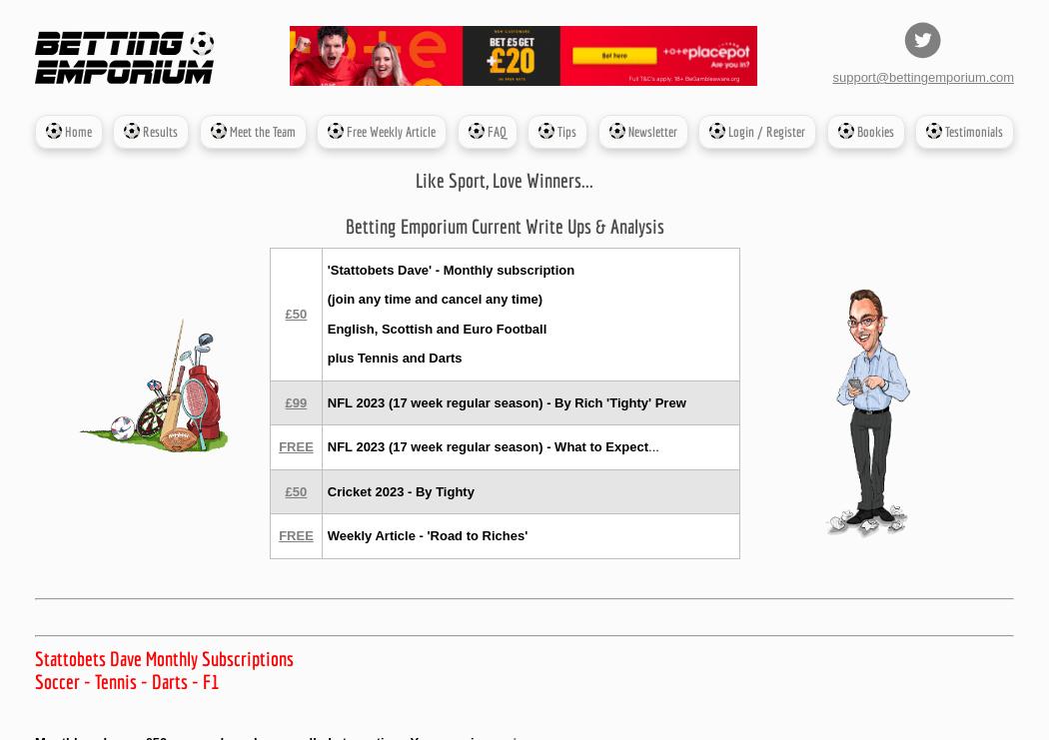  I want to click on 'Newsletter', so click(627, 130).